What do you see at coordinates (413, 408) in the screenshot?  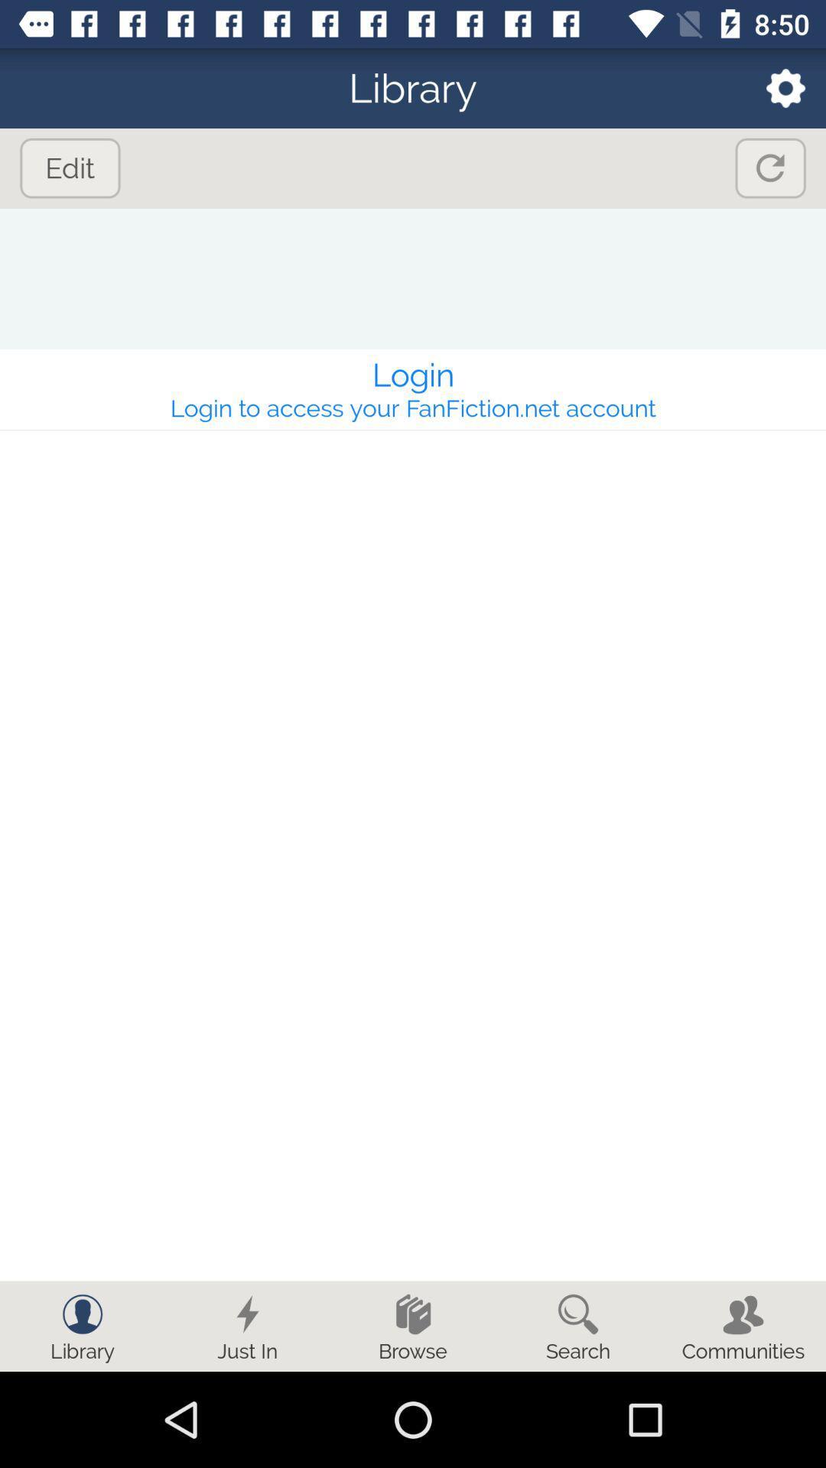 I see `the item below the login icon` at bounding box center [413, 408].